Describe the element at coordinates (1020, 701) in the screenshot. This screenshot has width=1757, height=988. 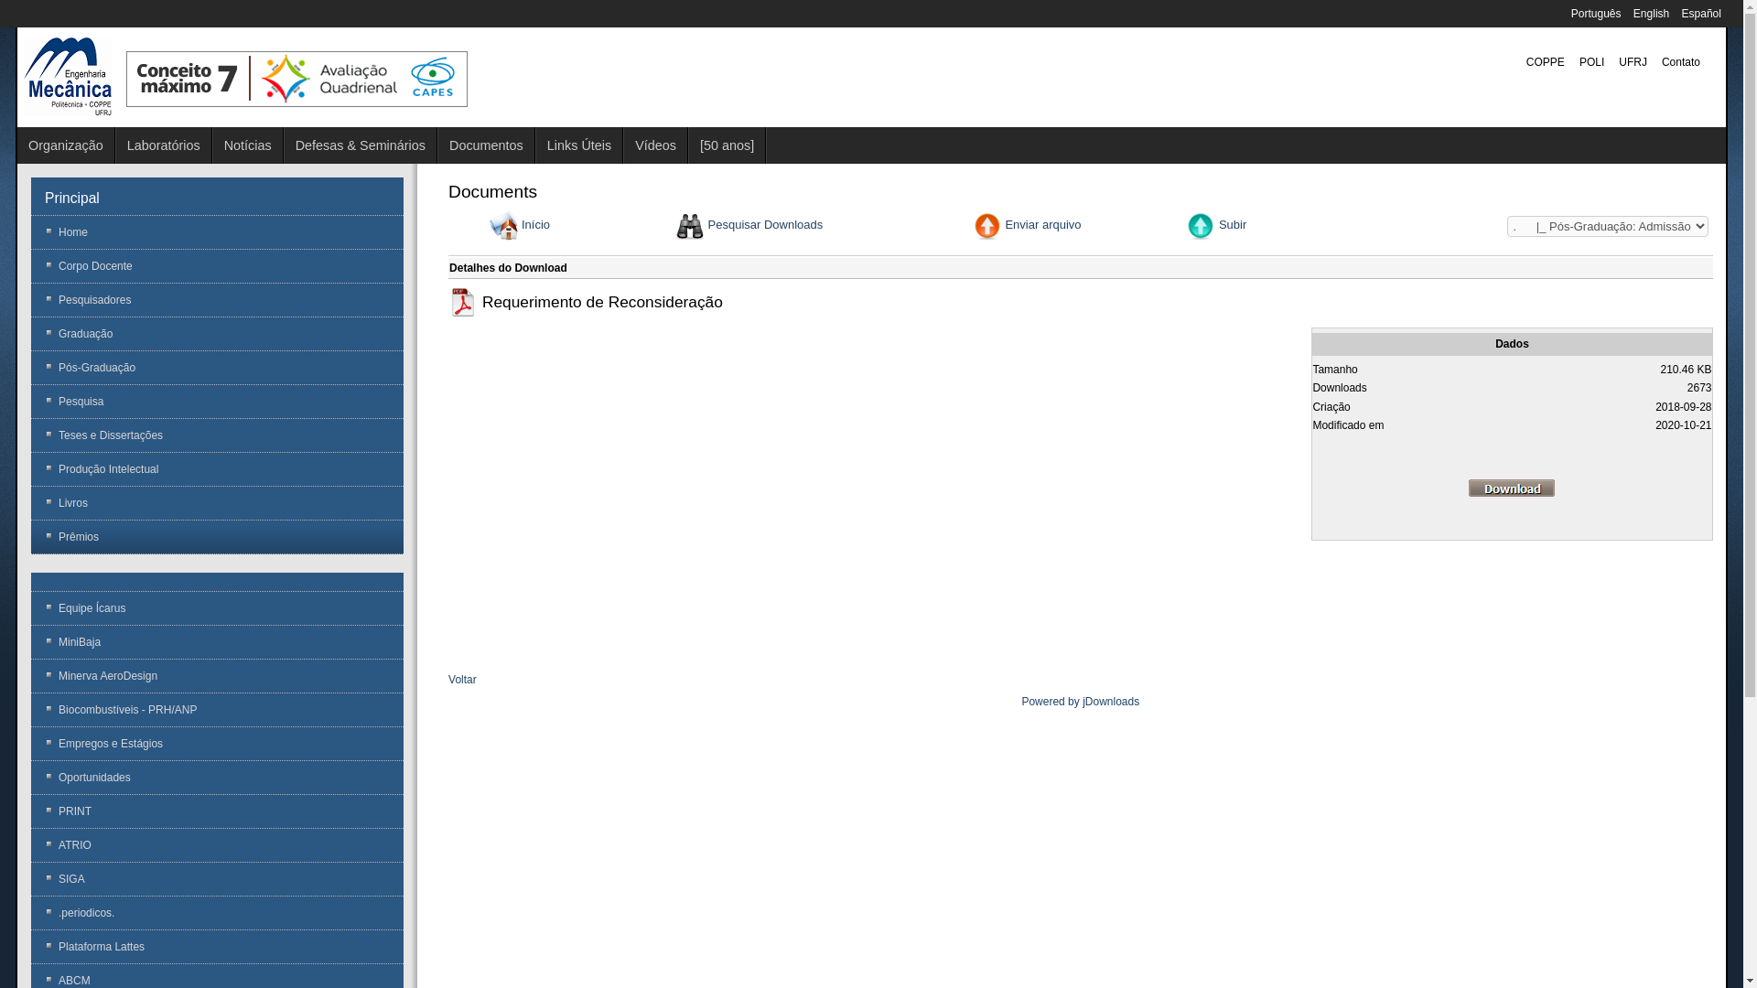
I see `'Powered by '` at that location.